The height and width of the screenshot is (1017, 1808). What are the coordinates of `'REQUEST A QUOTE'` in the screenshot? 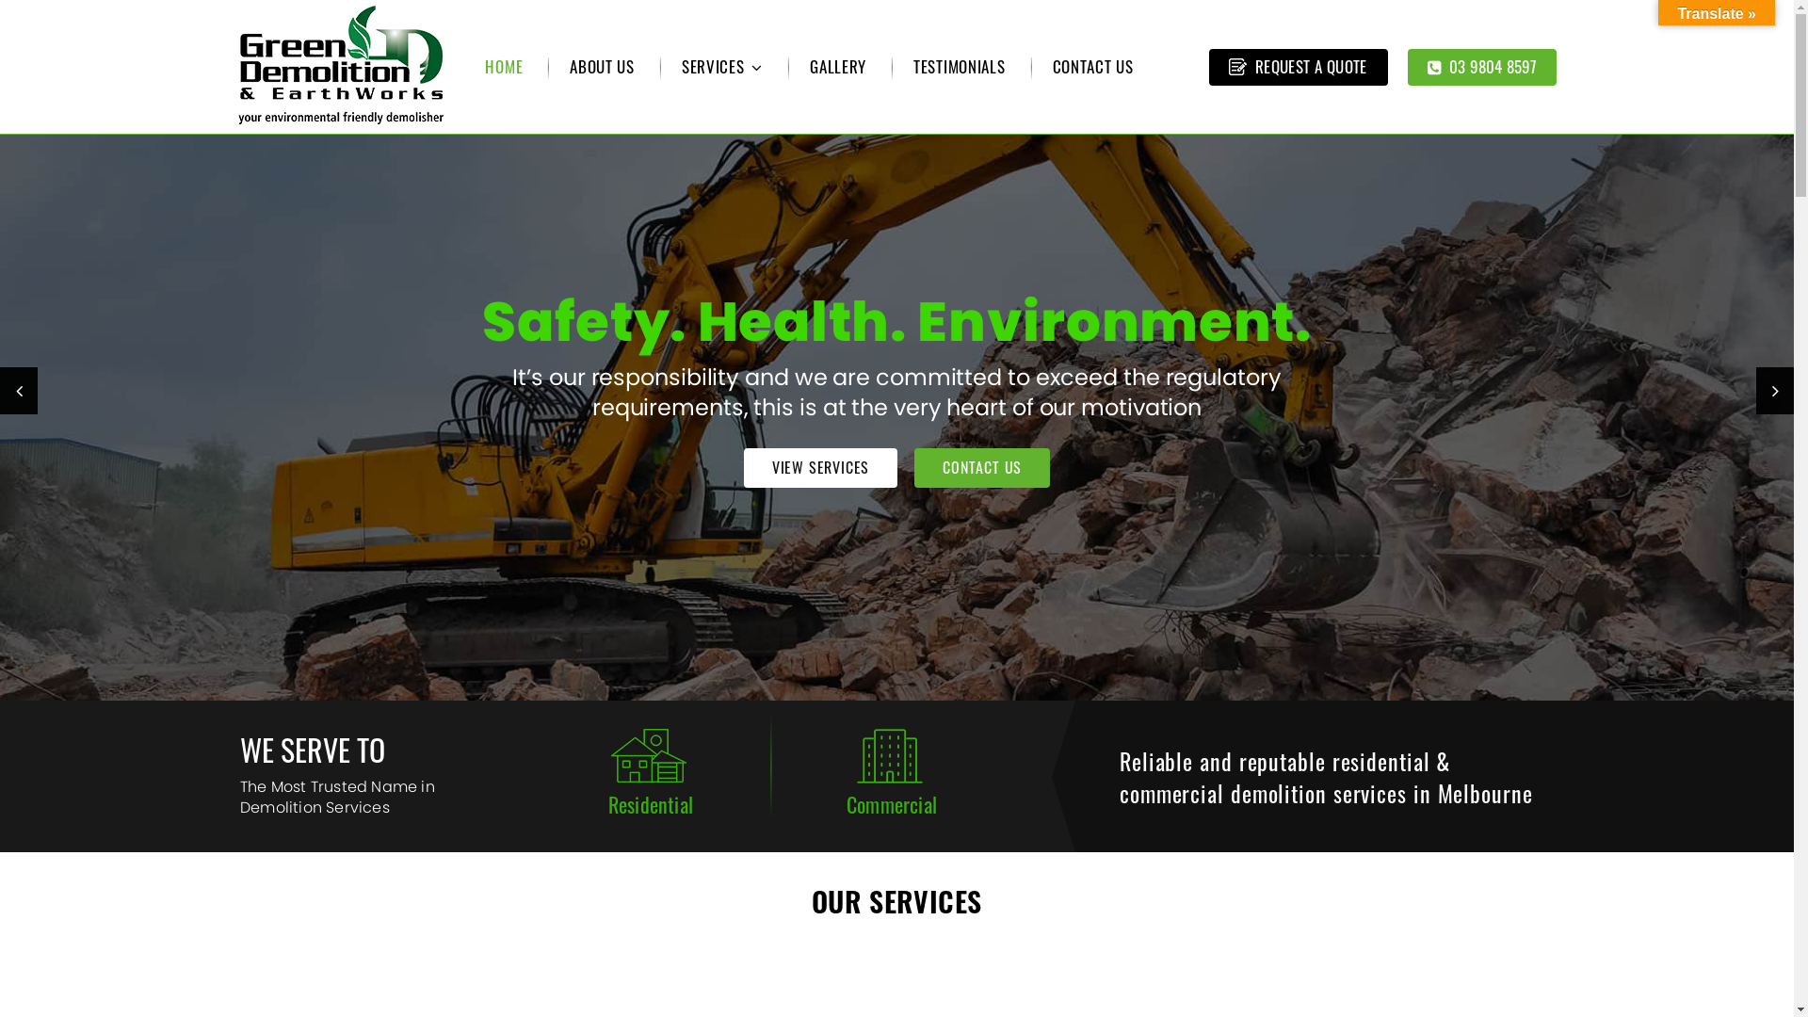 It's located at (1297, 66).